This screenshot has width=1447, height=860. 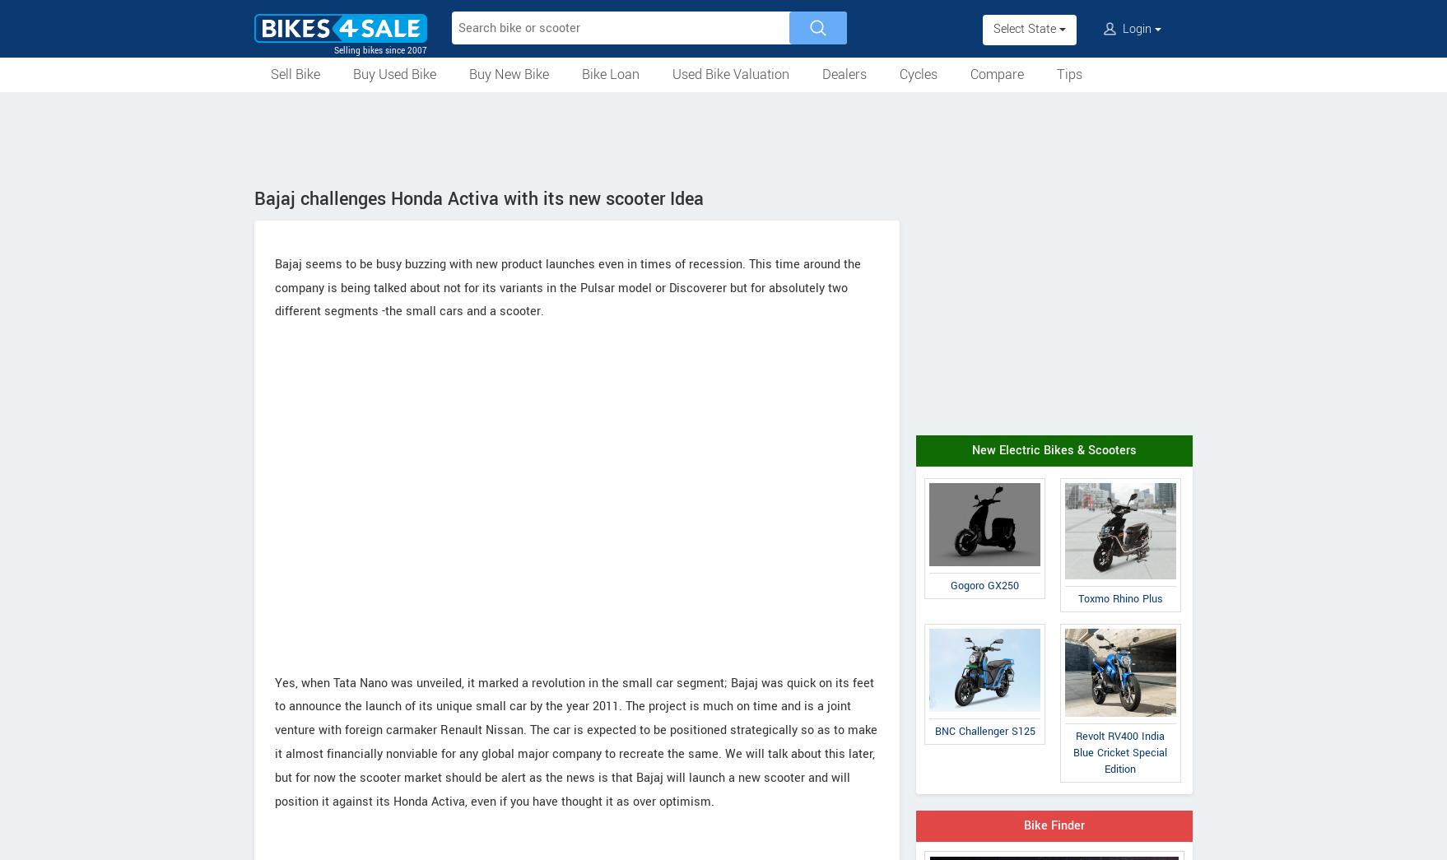 I want to click on 'Toxmo Rhino Plus', so click(x=1119, y=597).